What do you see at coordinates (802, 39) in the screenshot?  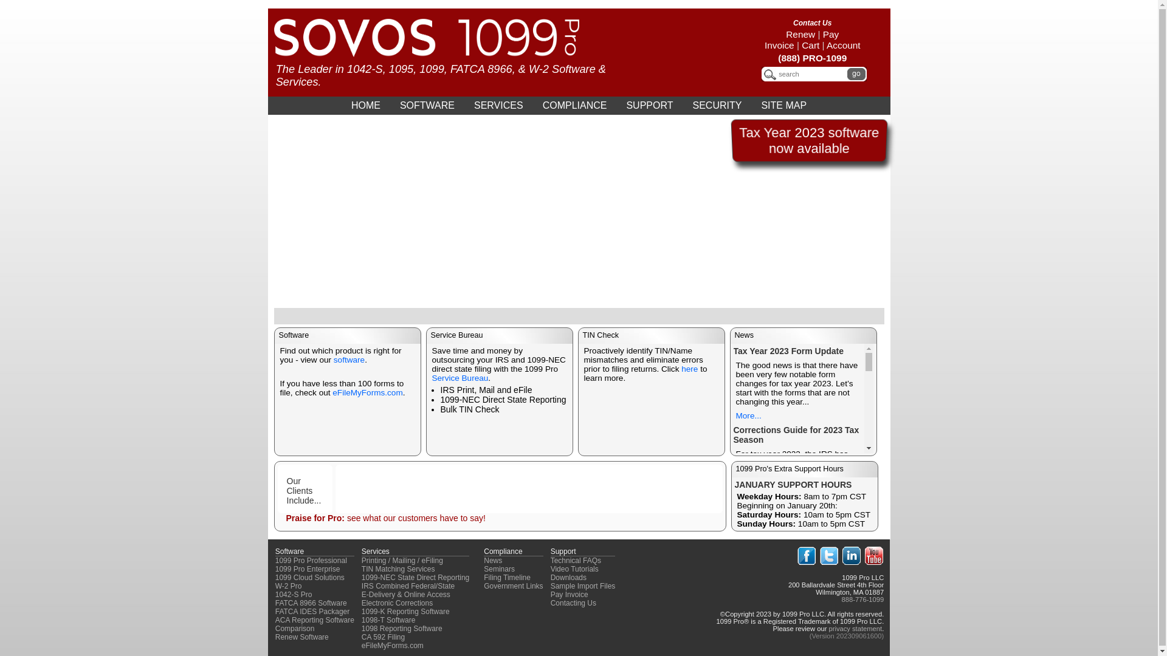 I see `'Pay Invoice'` at bounding box center [802, 39].